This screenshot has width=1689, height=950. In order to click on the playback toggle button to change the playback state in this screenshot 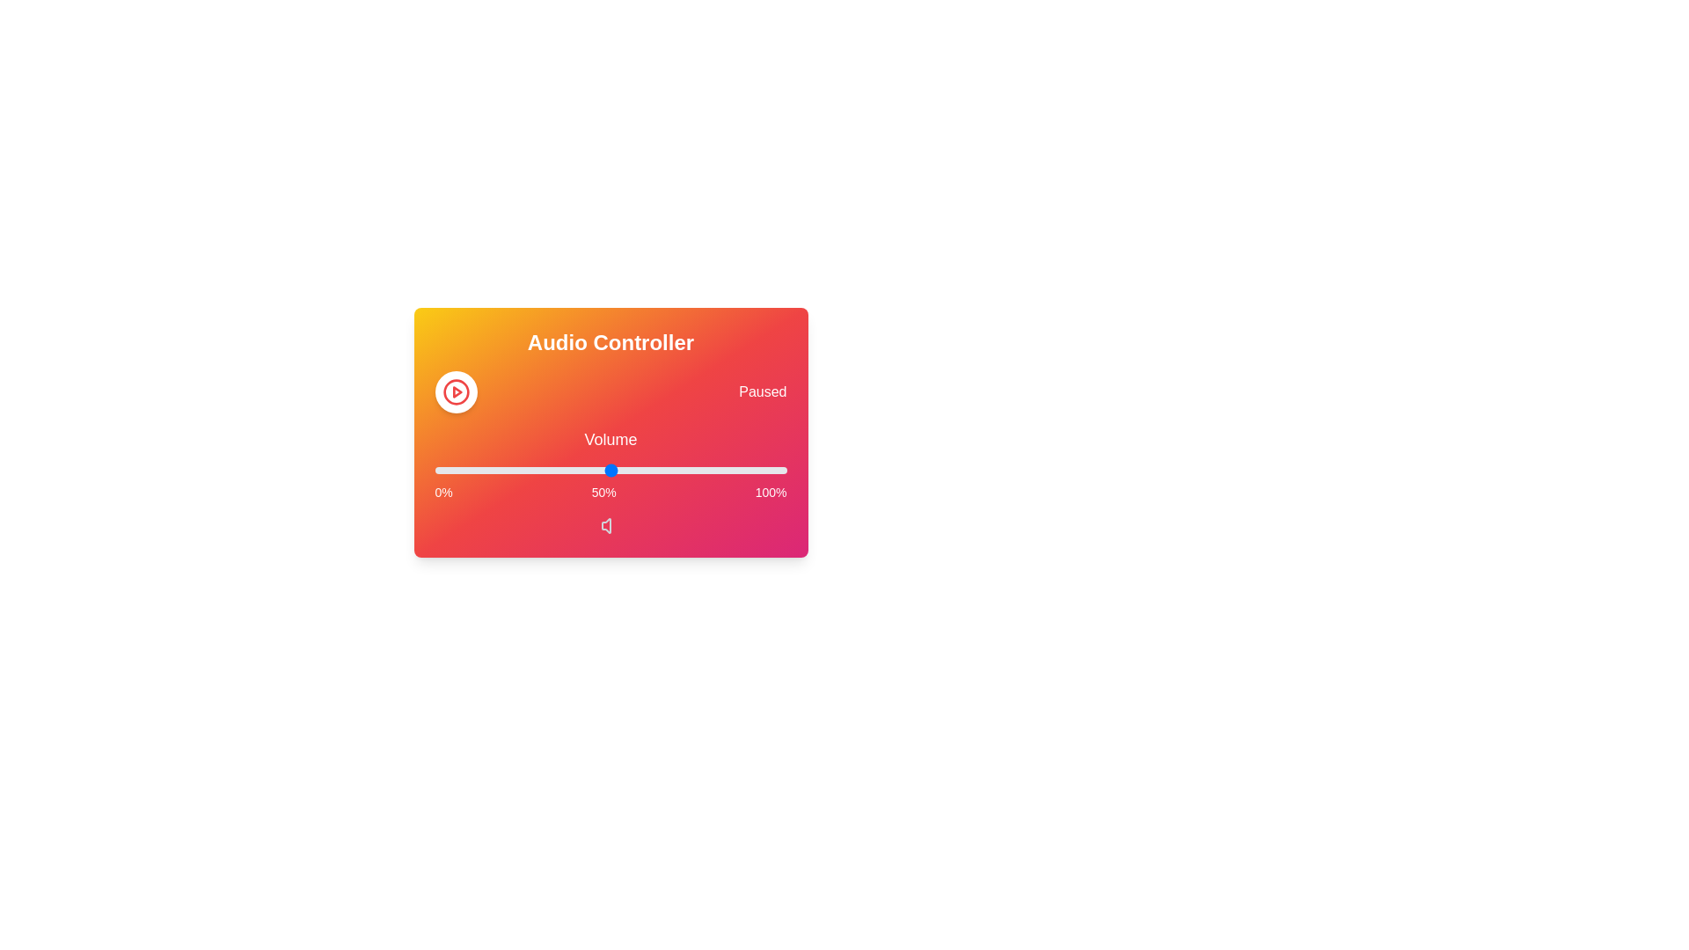, I will do `click(456, 391)`.